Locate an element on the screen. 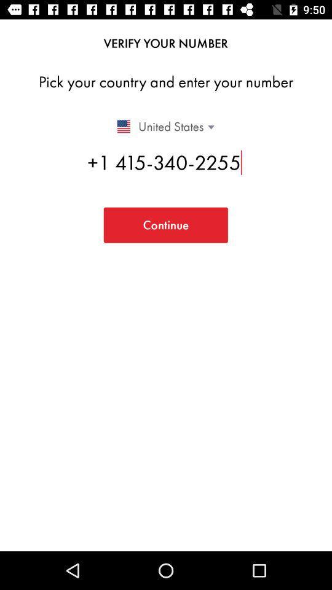 Image resolution: width=332 pixels, height=590 pixels. the continue is located at coordinates (165, 224).